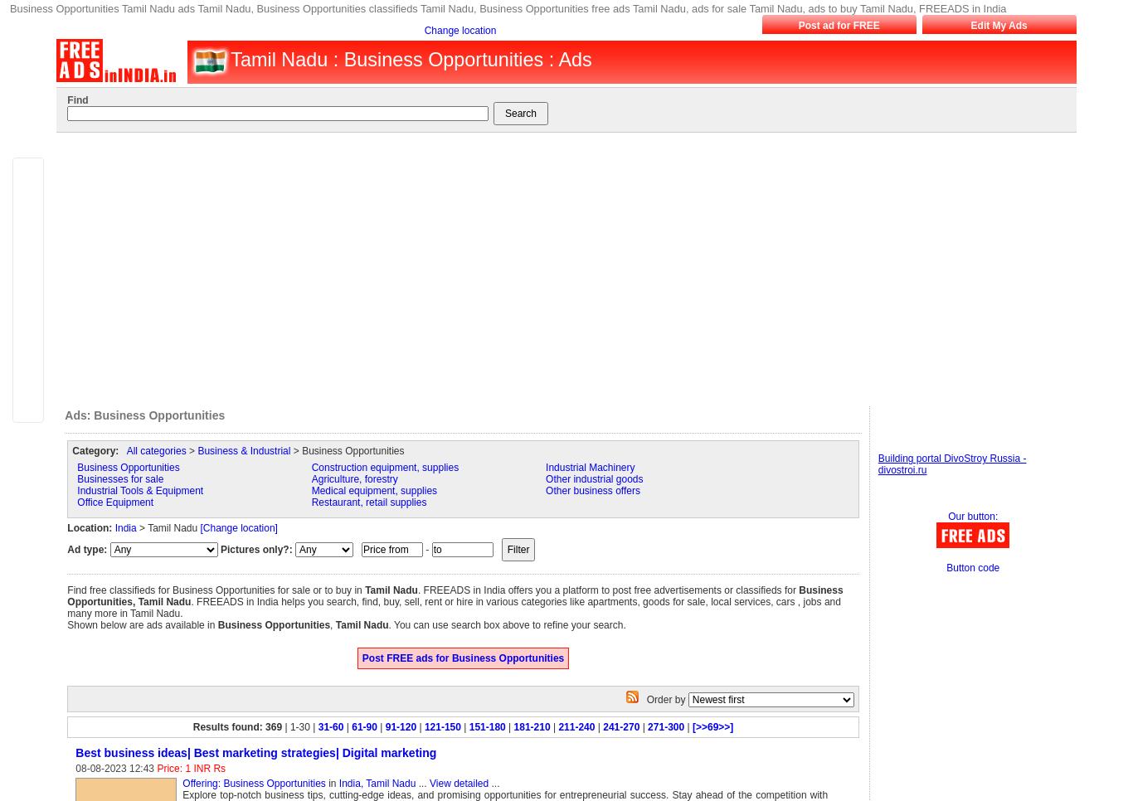 The height and width of the screenshot is (801, 1133). I want to click on '> 										 Tamil Nadu', so click(167, 527).